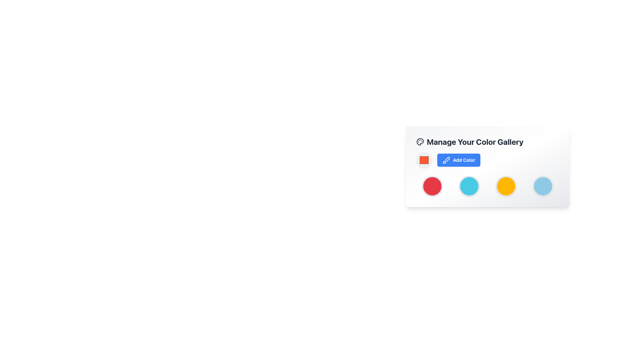 The height and width of the screenshot is (353, 627). Describe the element at coordinates (446, 160) in the screenshot. I see `the icon resembling a brush with a blue background and white outline, located to the left of the 'Add Color' button in the 'Manage Your Color Gallery' section` at that location.